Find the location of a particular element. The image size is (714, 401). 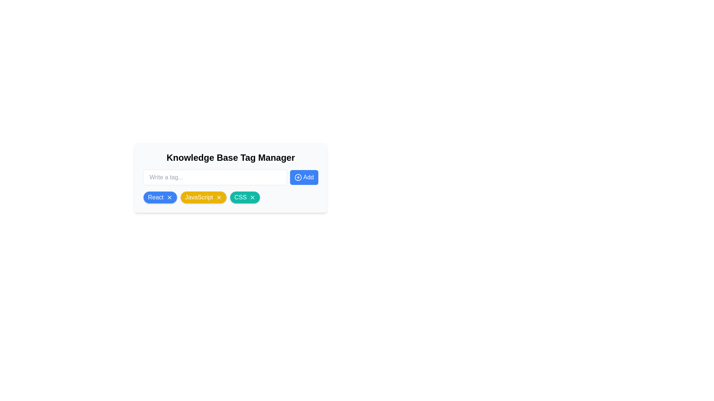

the close icon on the blue rounded button labeled 'React' is located at coordinates (160, 197).